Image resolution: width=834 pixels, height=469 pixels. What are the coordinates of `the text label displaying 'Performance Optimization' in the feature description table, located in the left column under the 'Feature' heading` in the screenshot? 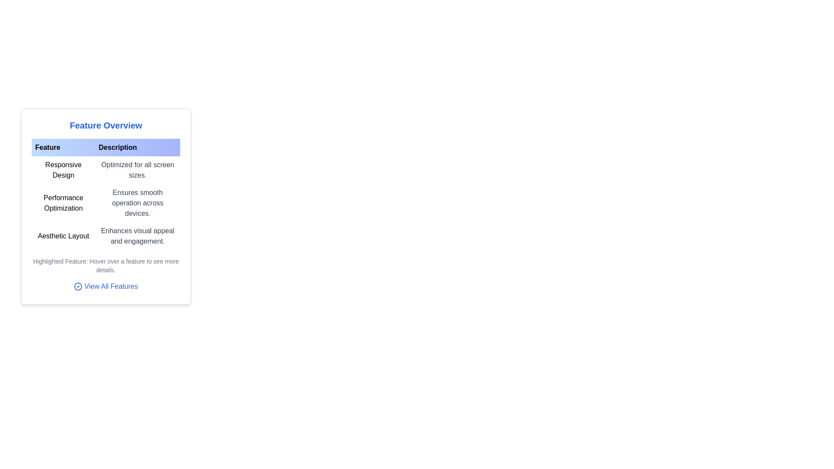 It's located at (63, 203).